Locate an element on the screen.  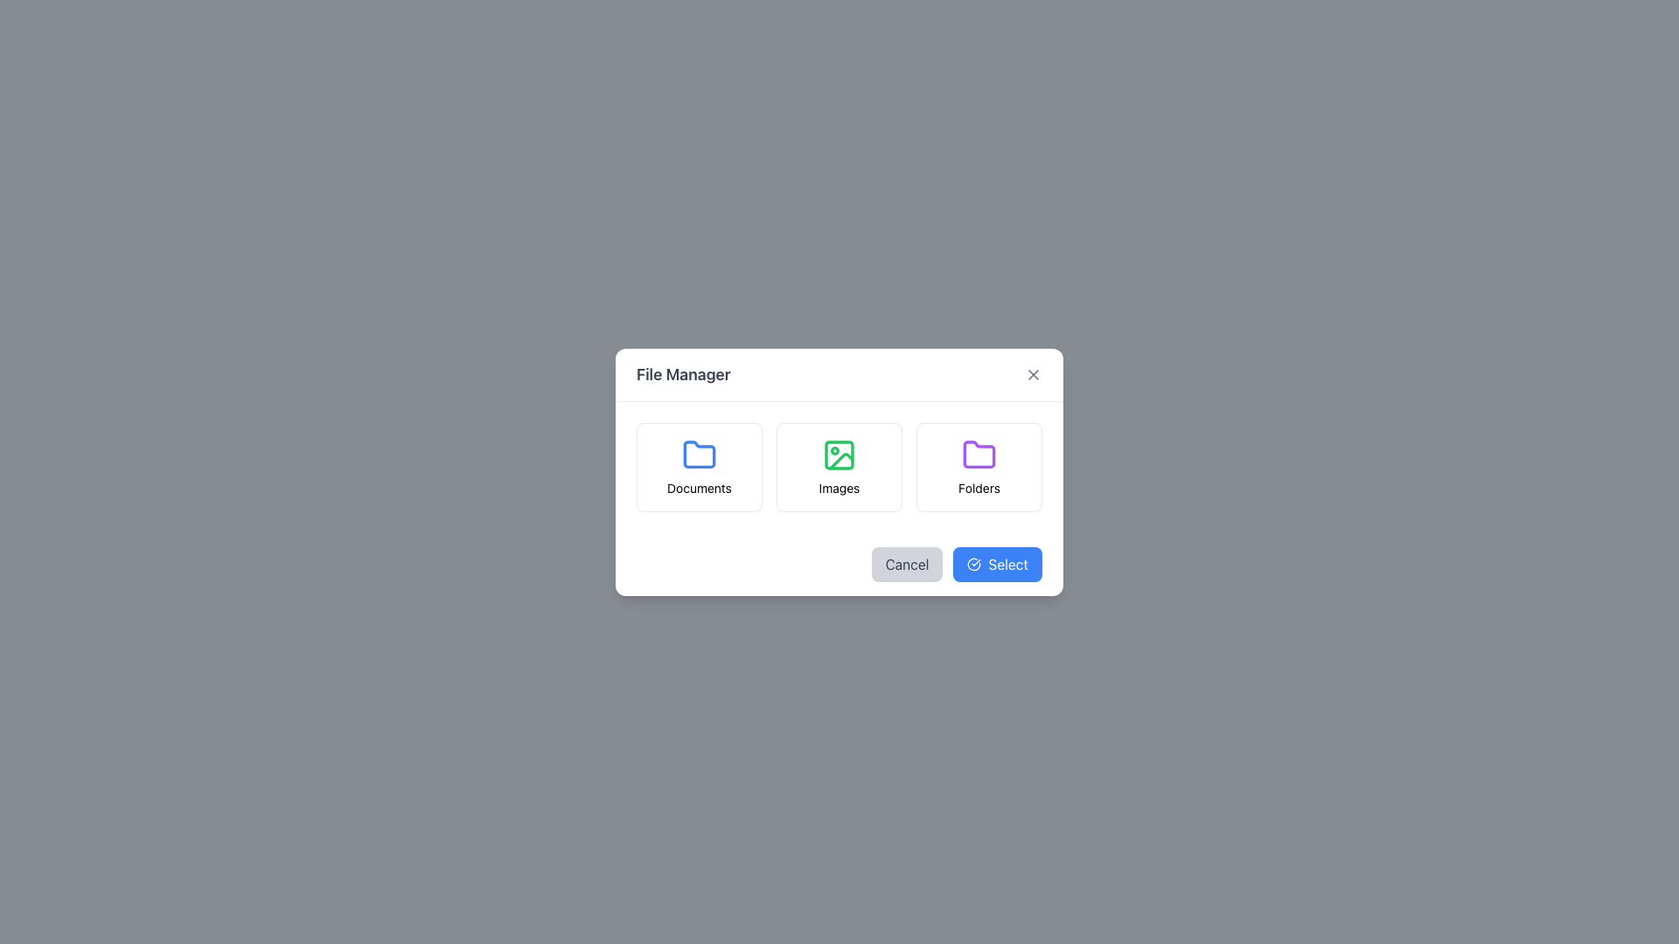
the image icon within the 'Images' section of the file manager, which is framed with a green outline and depicts a photo symbol is located at coordinates (839, 454).